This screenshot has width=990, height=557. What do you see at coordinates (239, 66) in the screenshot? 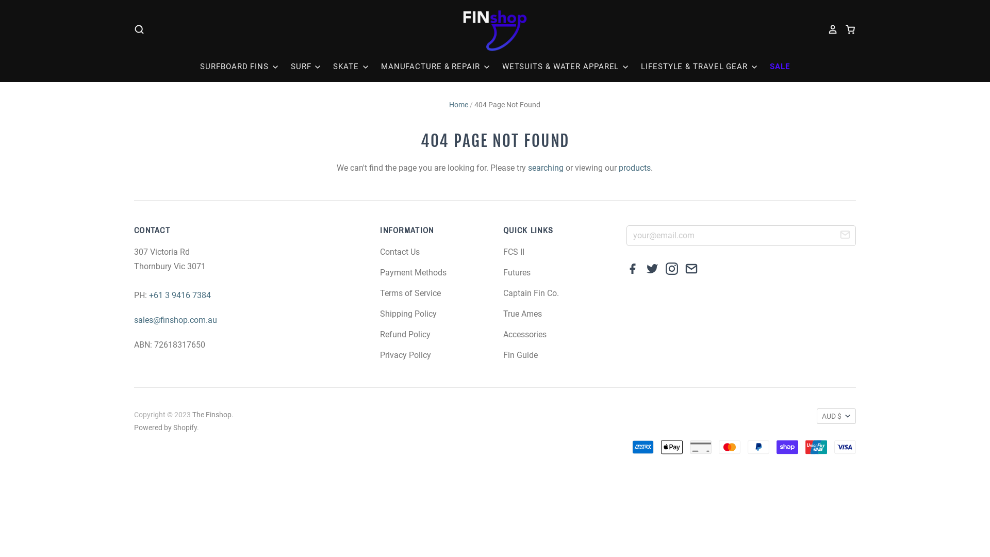
I see `'SURFBOARD FINS'` at bounding box center [239, 66].